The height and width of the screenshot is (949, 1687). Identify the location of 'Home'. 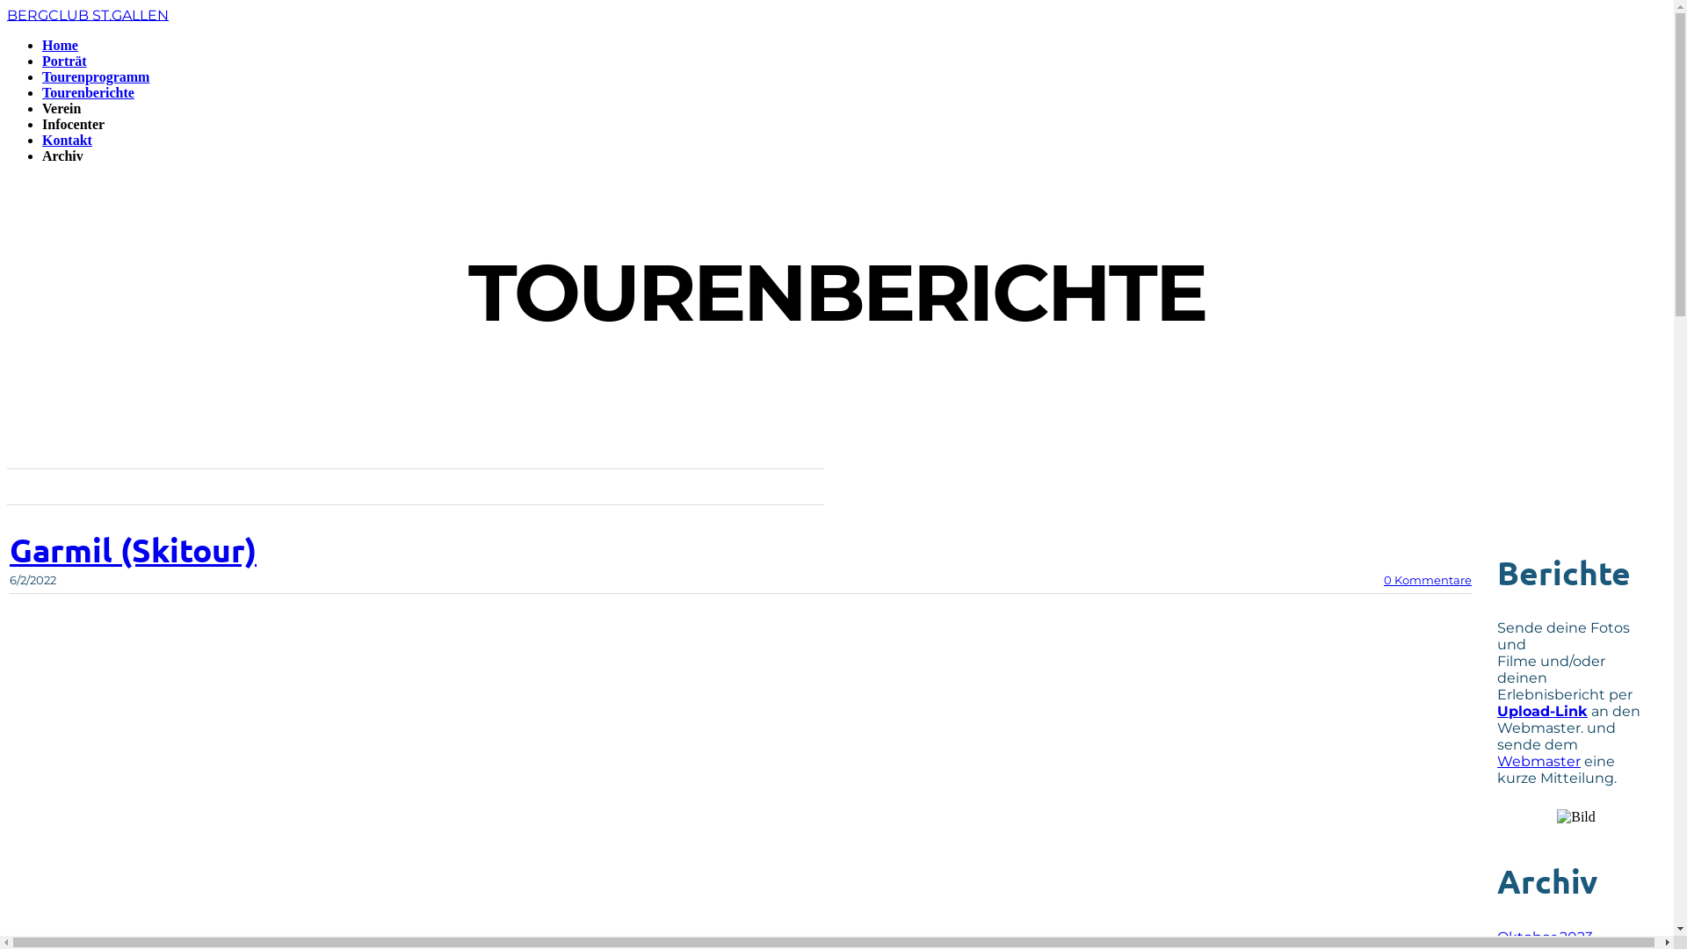
(60, 44).